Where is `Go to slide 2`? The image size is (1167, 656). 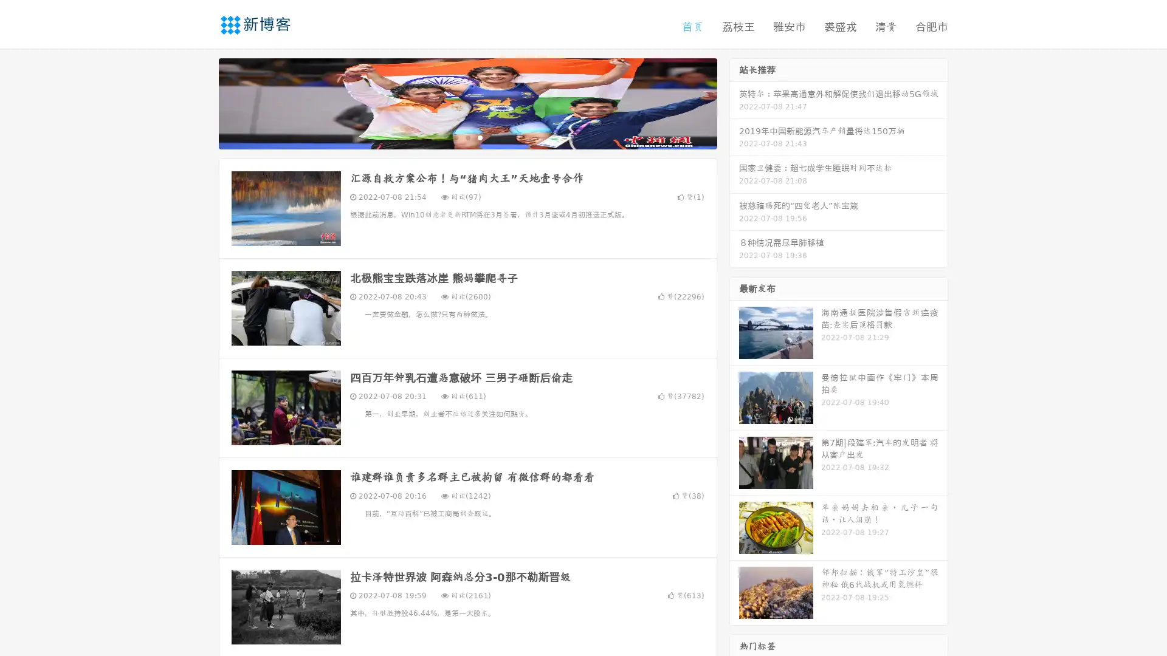 Go to slide 2 is located at coordinates (467, 137).